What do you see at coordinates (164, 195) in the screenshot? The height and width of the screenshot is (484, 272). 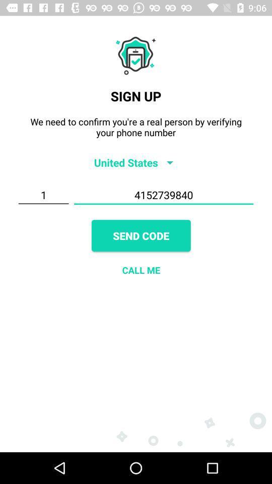 I see `item to the right of 1` at bounding box center [164, 195].